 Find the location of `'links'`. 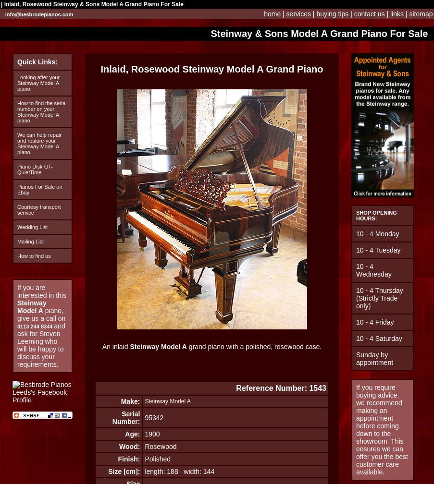

'links' is located at coordinates (396, 14).